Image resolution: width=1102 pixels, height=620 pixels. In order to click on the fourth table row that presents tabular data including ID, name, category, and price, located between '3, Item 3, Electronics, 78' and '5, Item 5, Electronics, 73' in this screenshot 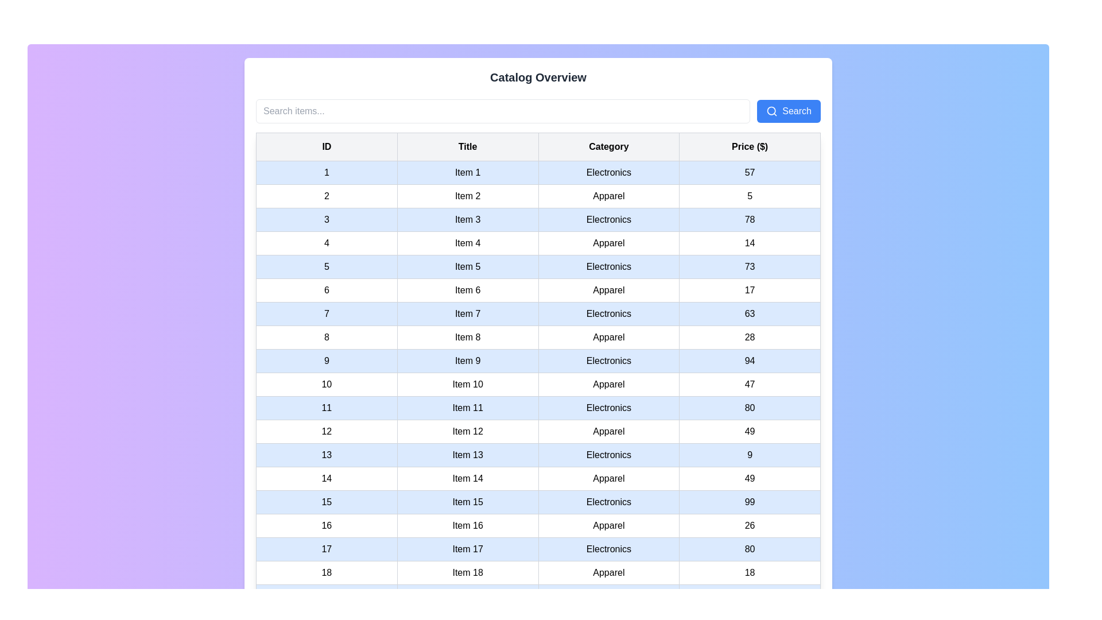, I will do `click(537, 243)`.